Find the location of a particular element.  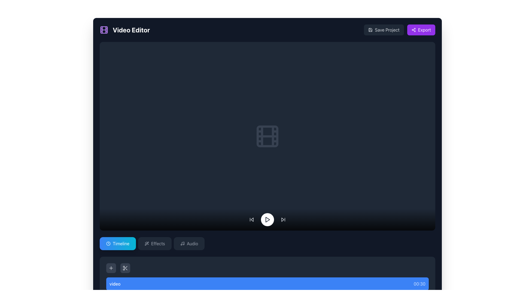

the triangular play icon located at the bottom center of the user interface is located at coordinates (268, 219).